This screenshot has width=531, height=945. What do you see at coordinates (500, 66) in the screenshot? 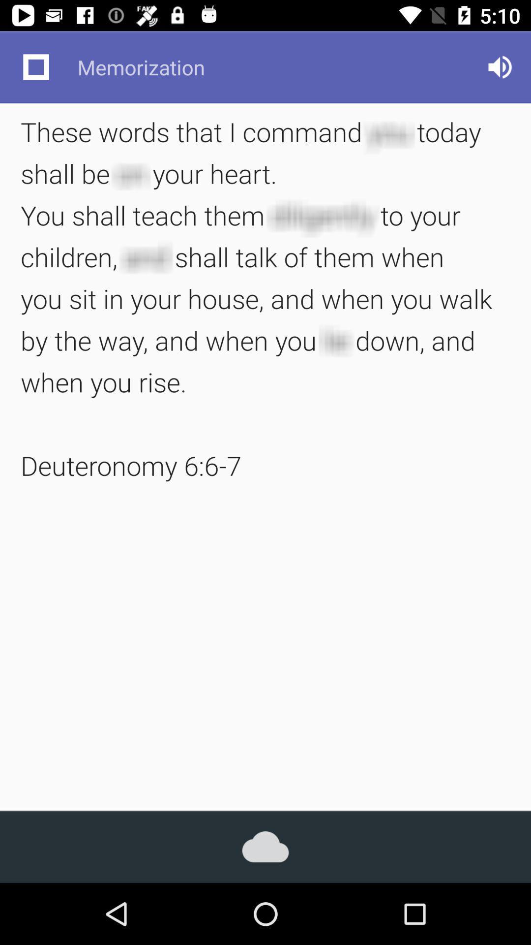
I see `icon at the top right corner` at bounding box center [500, 66].